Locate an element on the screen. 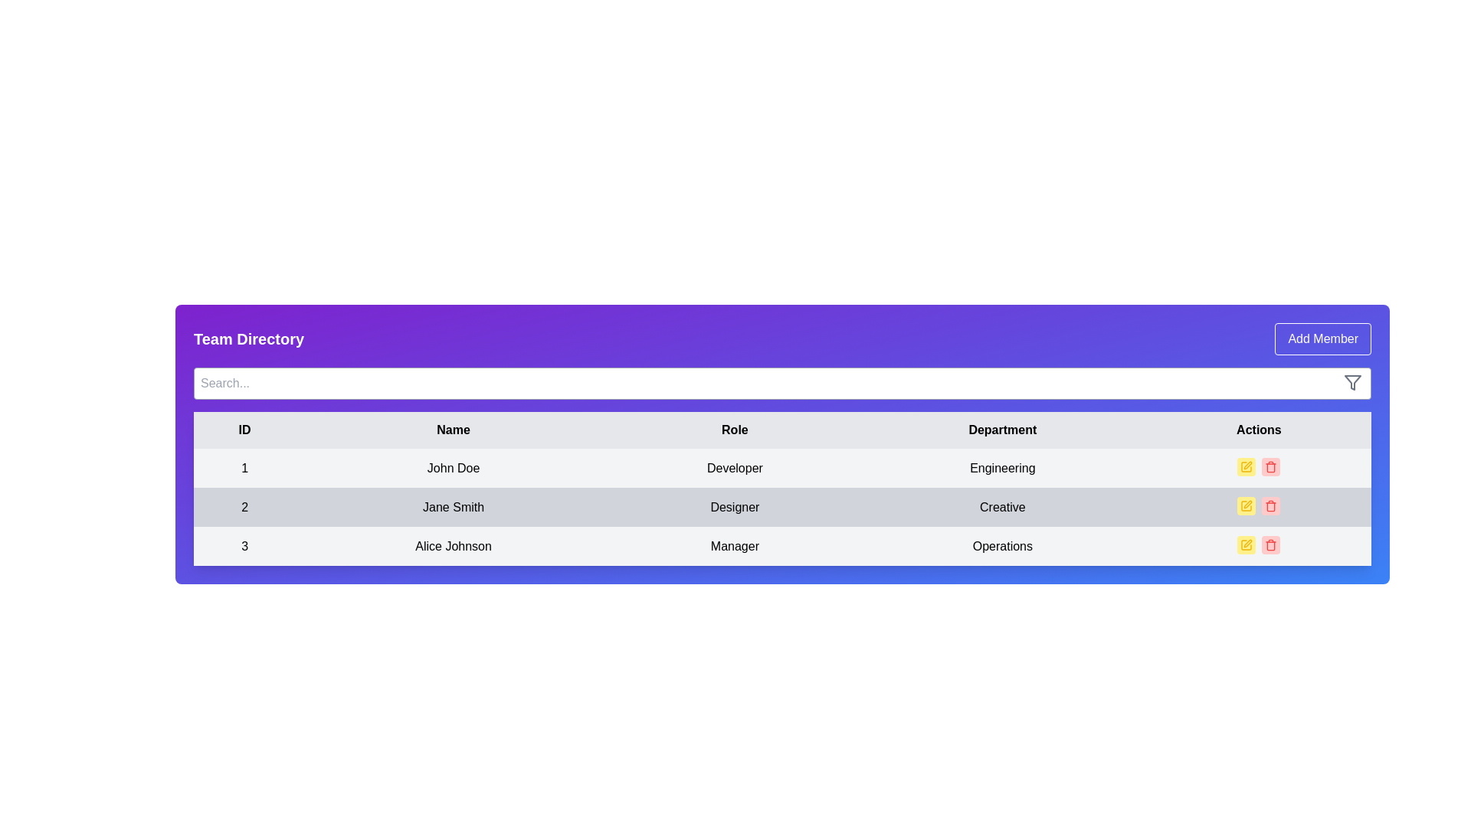  details about the team member displayed in the first row of the team member table is located at coordinates (782, 467).